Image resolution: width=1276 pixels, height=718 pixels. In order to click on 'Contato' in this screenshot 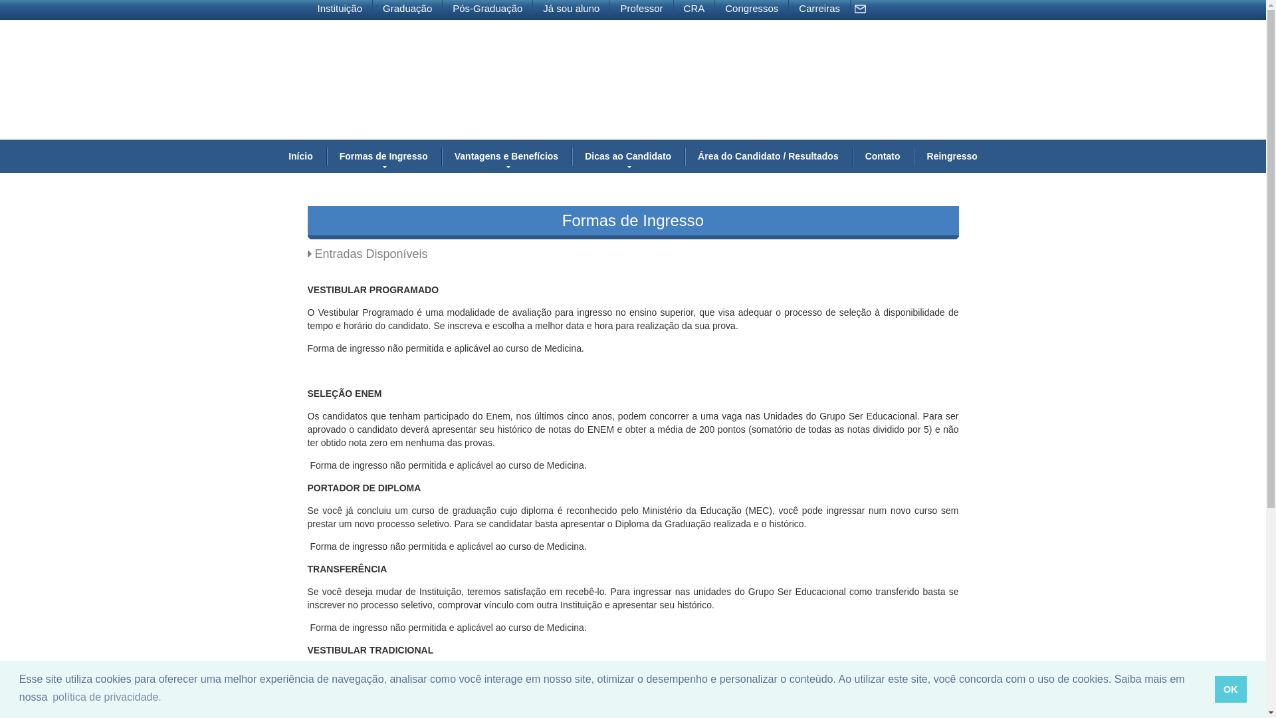, I will do `click(883, 156)`.